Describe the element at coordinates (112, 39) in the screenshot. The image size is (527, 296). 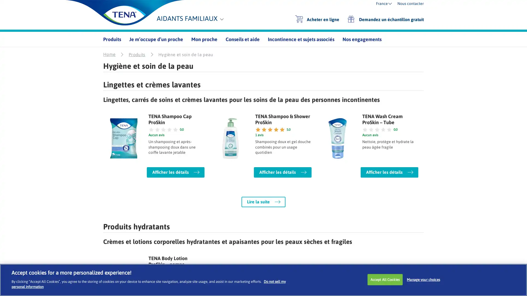
I see `Produits` at that location.